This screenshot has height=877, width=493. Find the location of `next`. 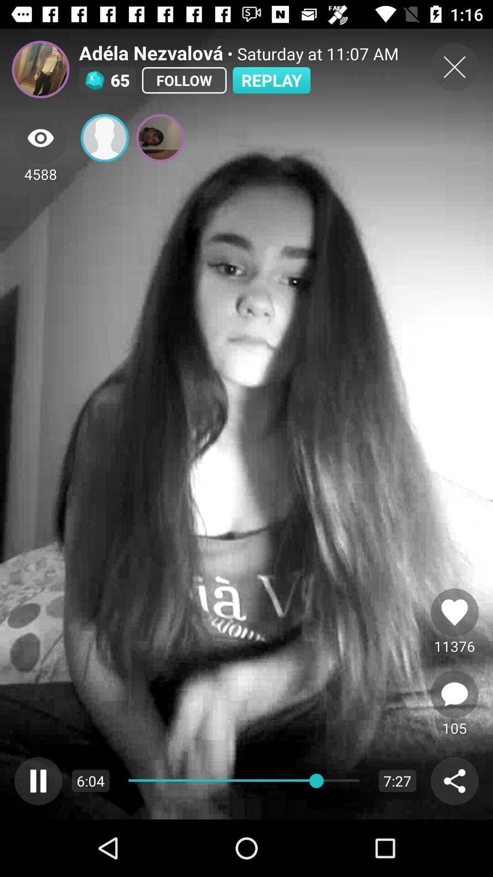

next is located at coordinates (454, 694).